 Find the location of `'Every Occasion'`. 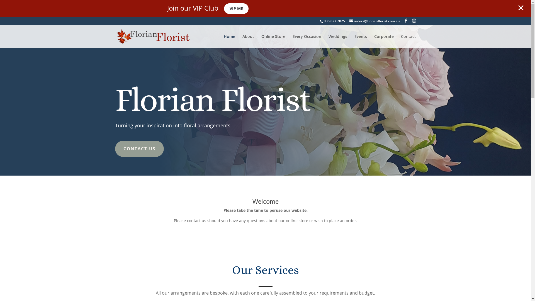

'Every Occasion' is located at coordinates (307, 41).